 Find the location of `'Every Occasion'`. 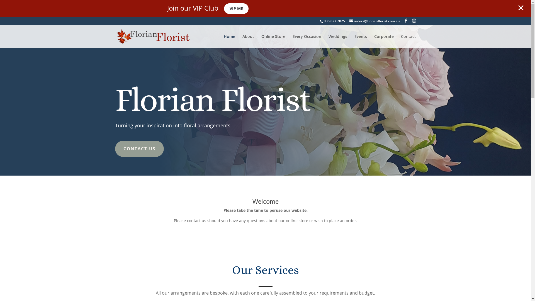

'Every Occasion' is located at coordinates (307, 41).